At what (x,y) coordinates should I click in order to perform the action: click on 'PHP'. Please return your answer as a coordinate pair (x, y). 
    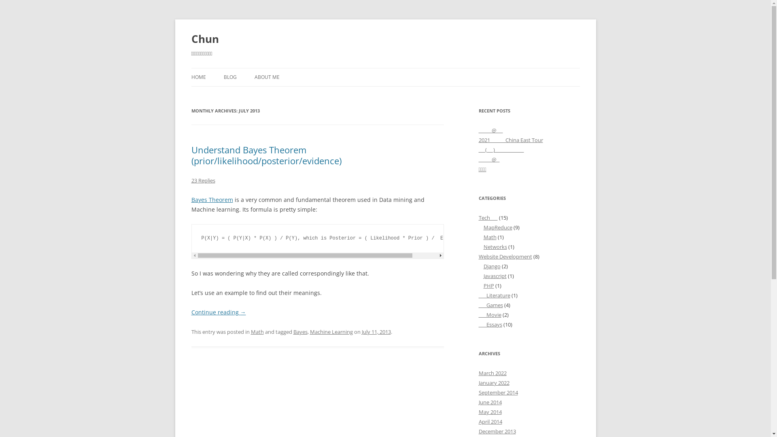
    Looking at the image, I should click on (488, 285).